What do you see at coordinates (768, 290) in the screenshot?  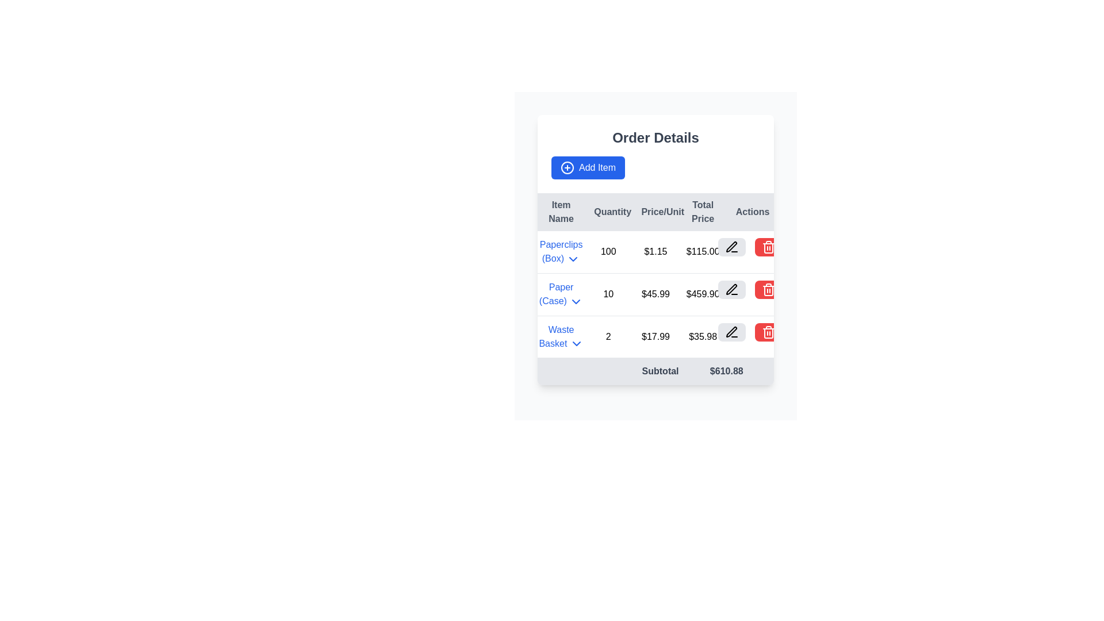 I see `the red trash bin icon located in the 'Actions' column of the table, adjacent to the pencil icon` at bounding box center [768, 290].